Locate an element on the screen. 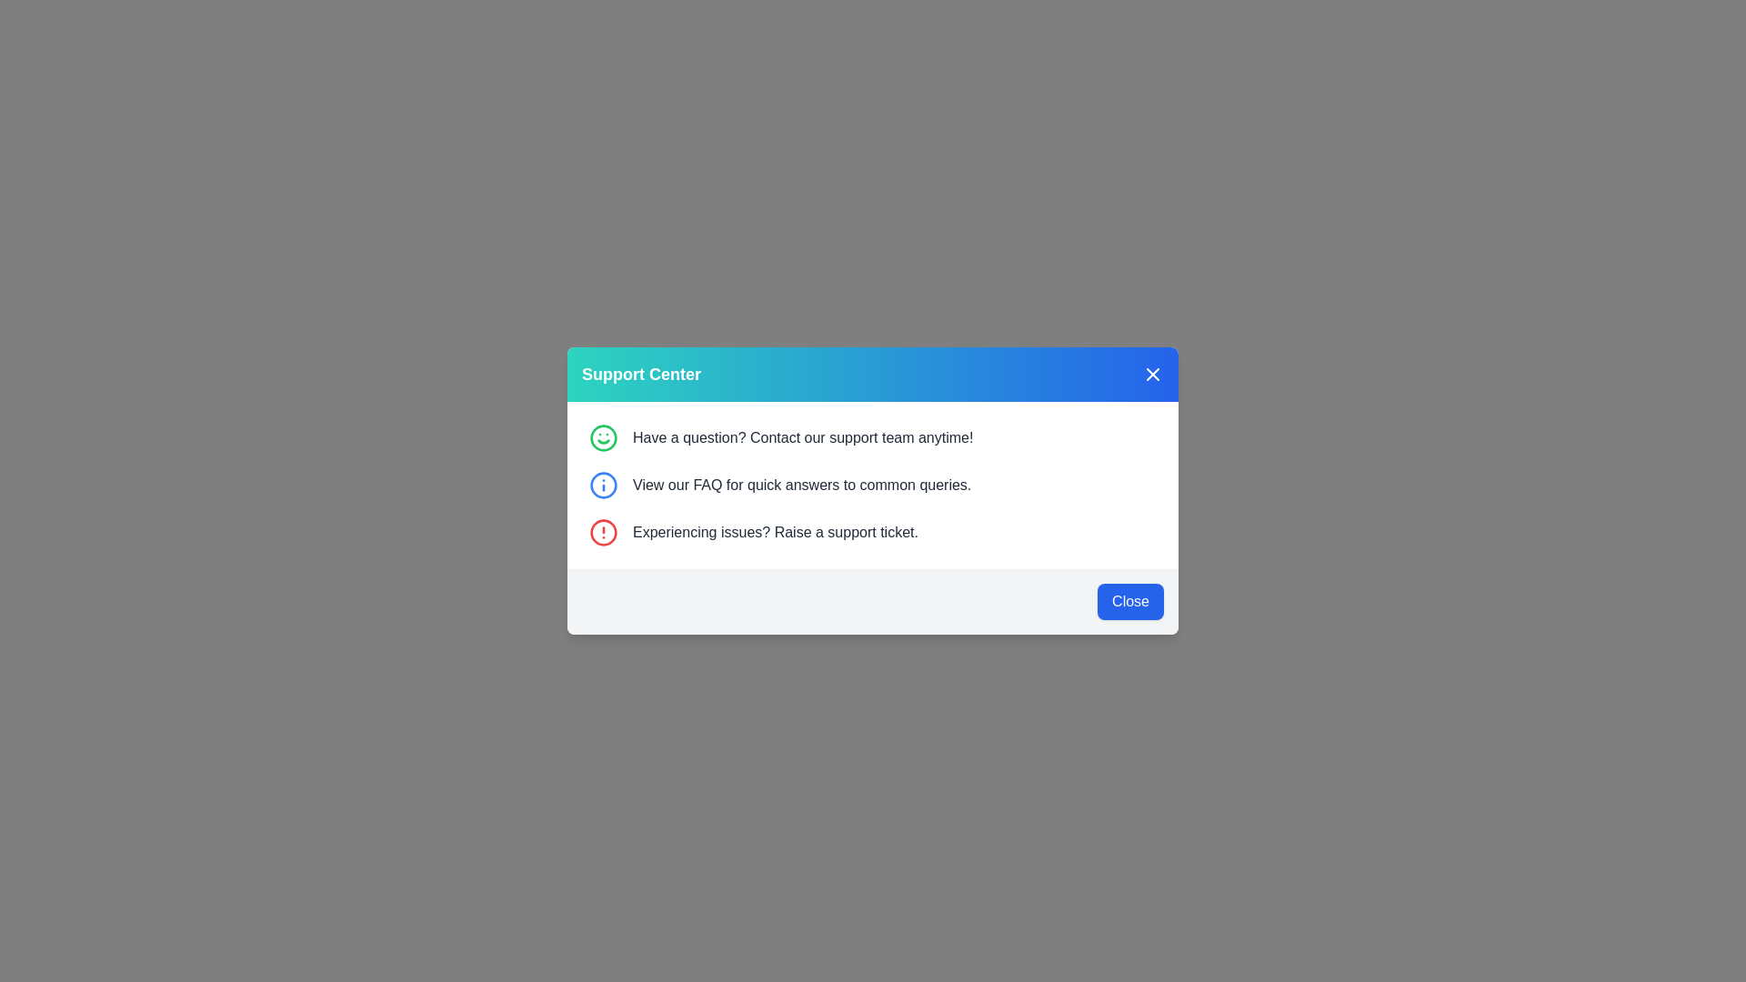 Image resolution: width=1746 pixels, height=982 pixels. the bold text label reading 'Support Center', which is styled with a white font and located in the upper-left section of the title bar of a modal is located at coordinates (641, 374).